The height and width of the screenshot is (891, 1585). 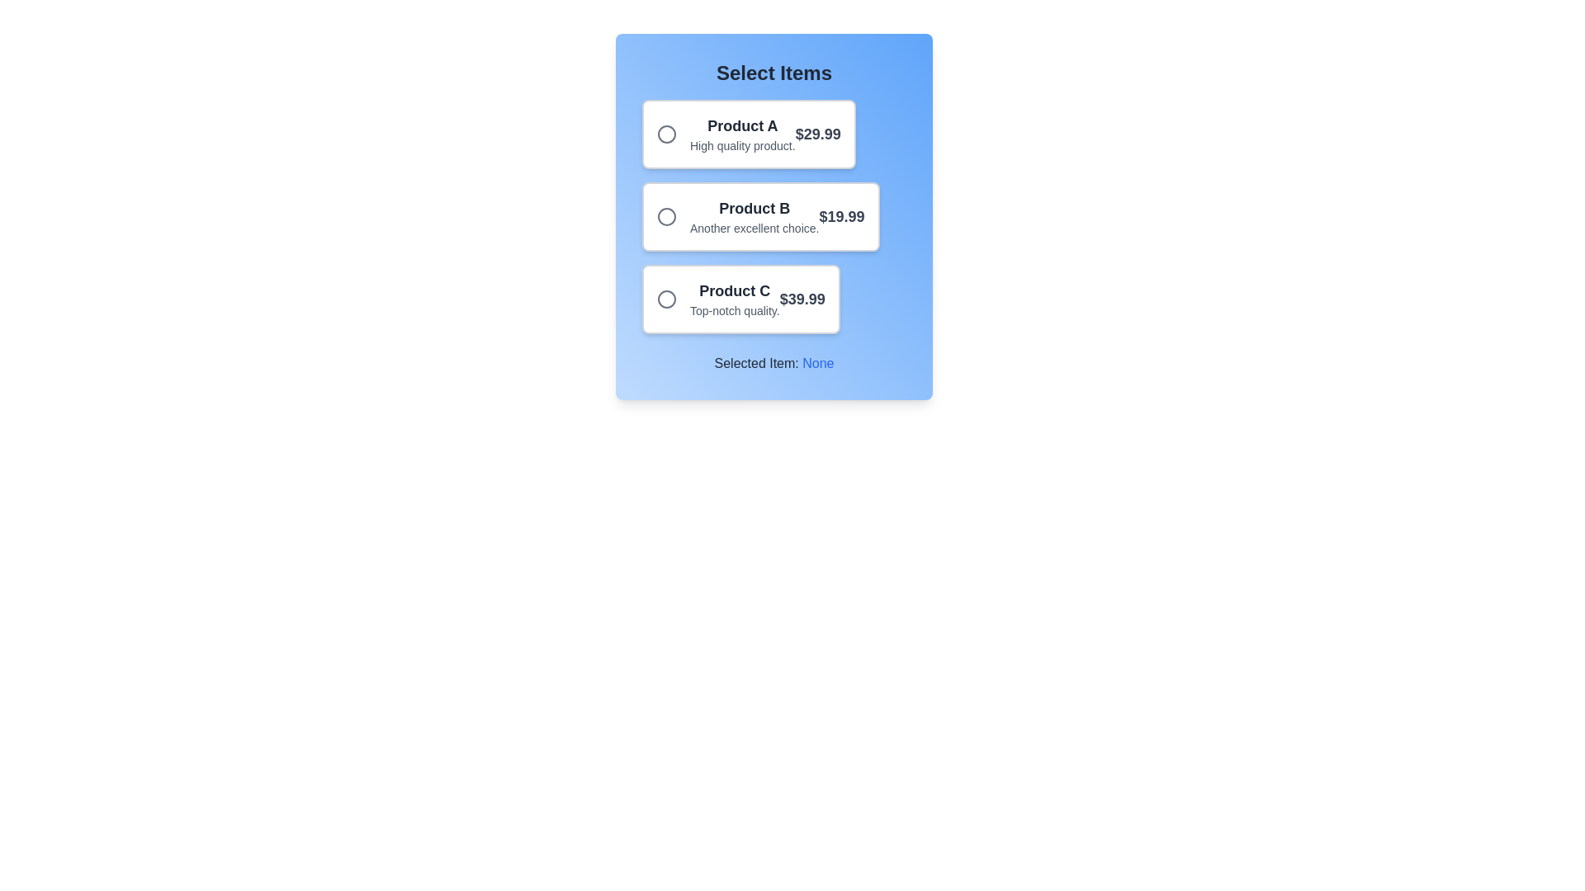 What do you see at coordinates (754, 215) in the screenshot?
I see `the static text display for 'Product B', which is located in the second card of the product cards stack, positioned below the checkbox and above the price '$19.99'` at bounding box center [754, 215].